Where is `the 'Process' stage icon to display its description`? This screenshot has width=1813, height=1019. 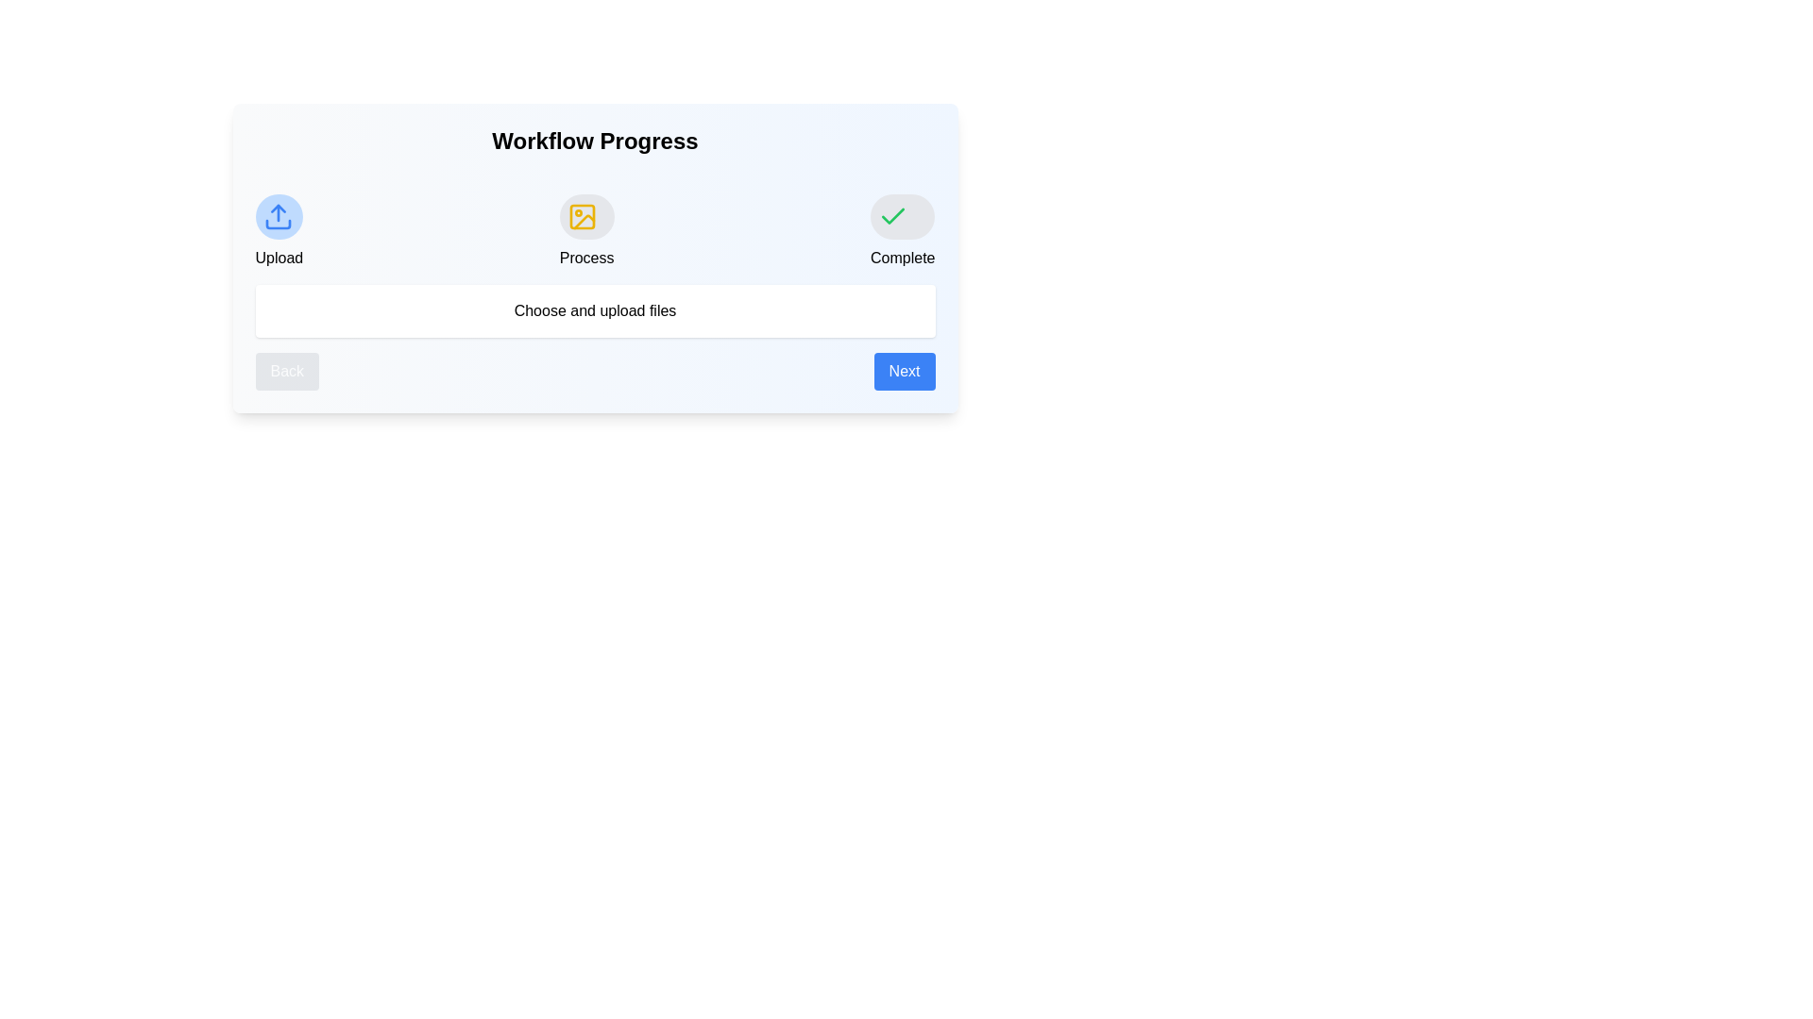
the 'Process' stage icon to display its description is located at coordinates (585, 216).